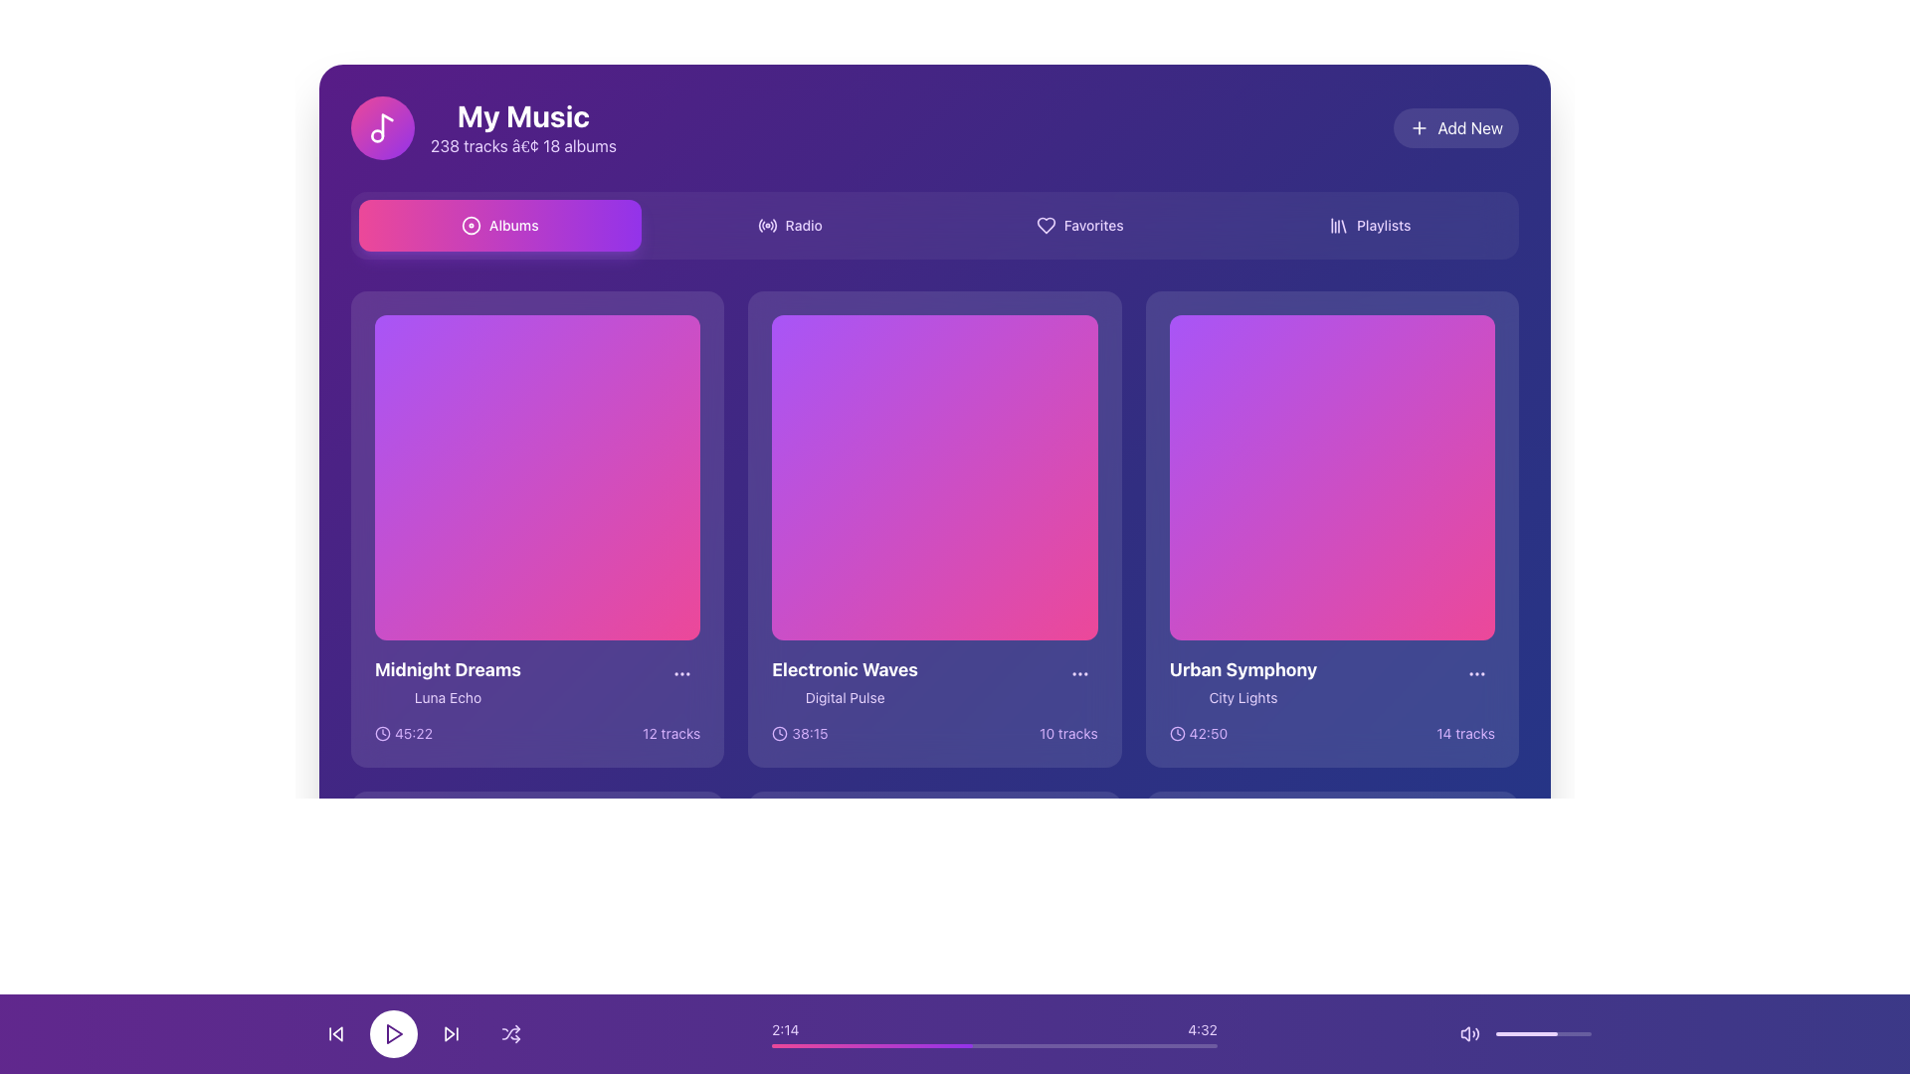  What do you see at coordinates (1548, 1033) in the screenshot?
I see `the volume` at bounding box center [1548, 1033].